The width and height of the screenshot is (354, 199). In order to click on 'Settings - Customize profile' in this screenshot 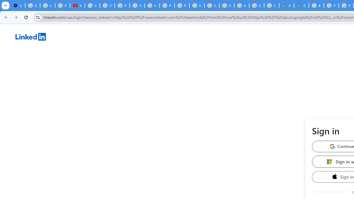, I will do `click(18, 6)`.